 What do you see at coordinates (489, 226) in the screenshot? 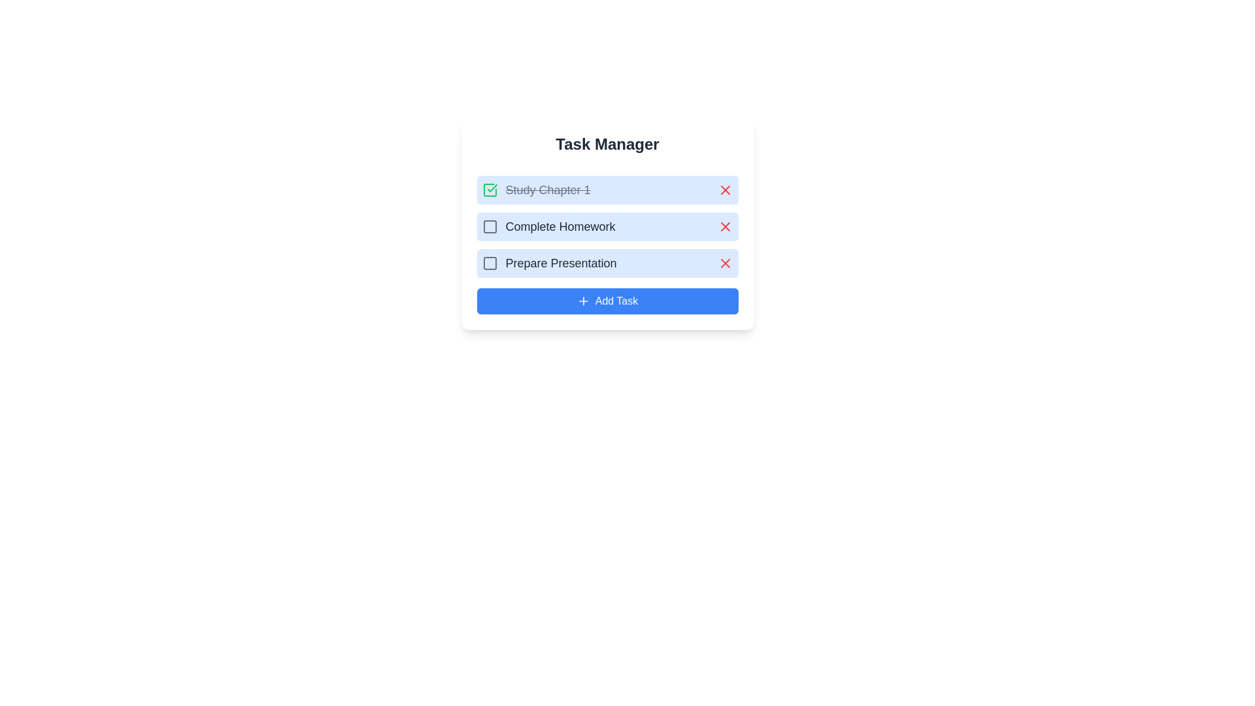
I see `the small square icon with rounded corners that resembles a checkbox, located to the left of the text 'Complete Homework' in the second row of the task list in the 'Task Manager' card` at bounding box center [489, 226].